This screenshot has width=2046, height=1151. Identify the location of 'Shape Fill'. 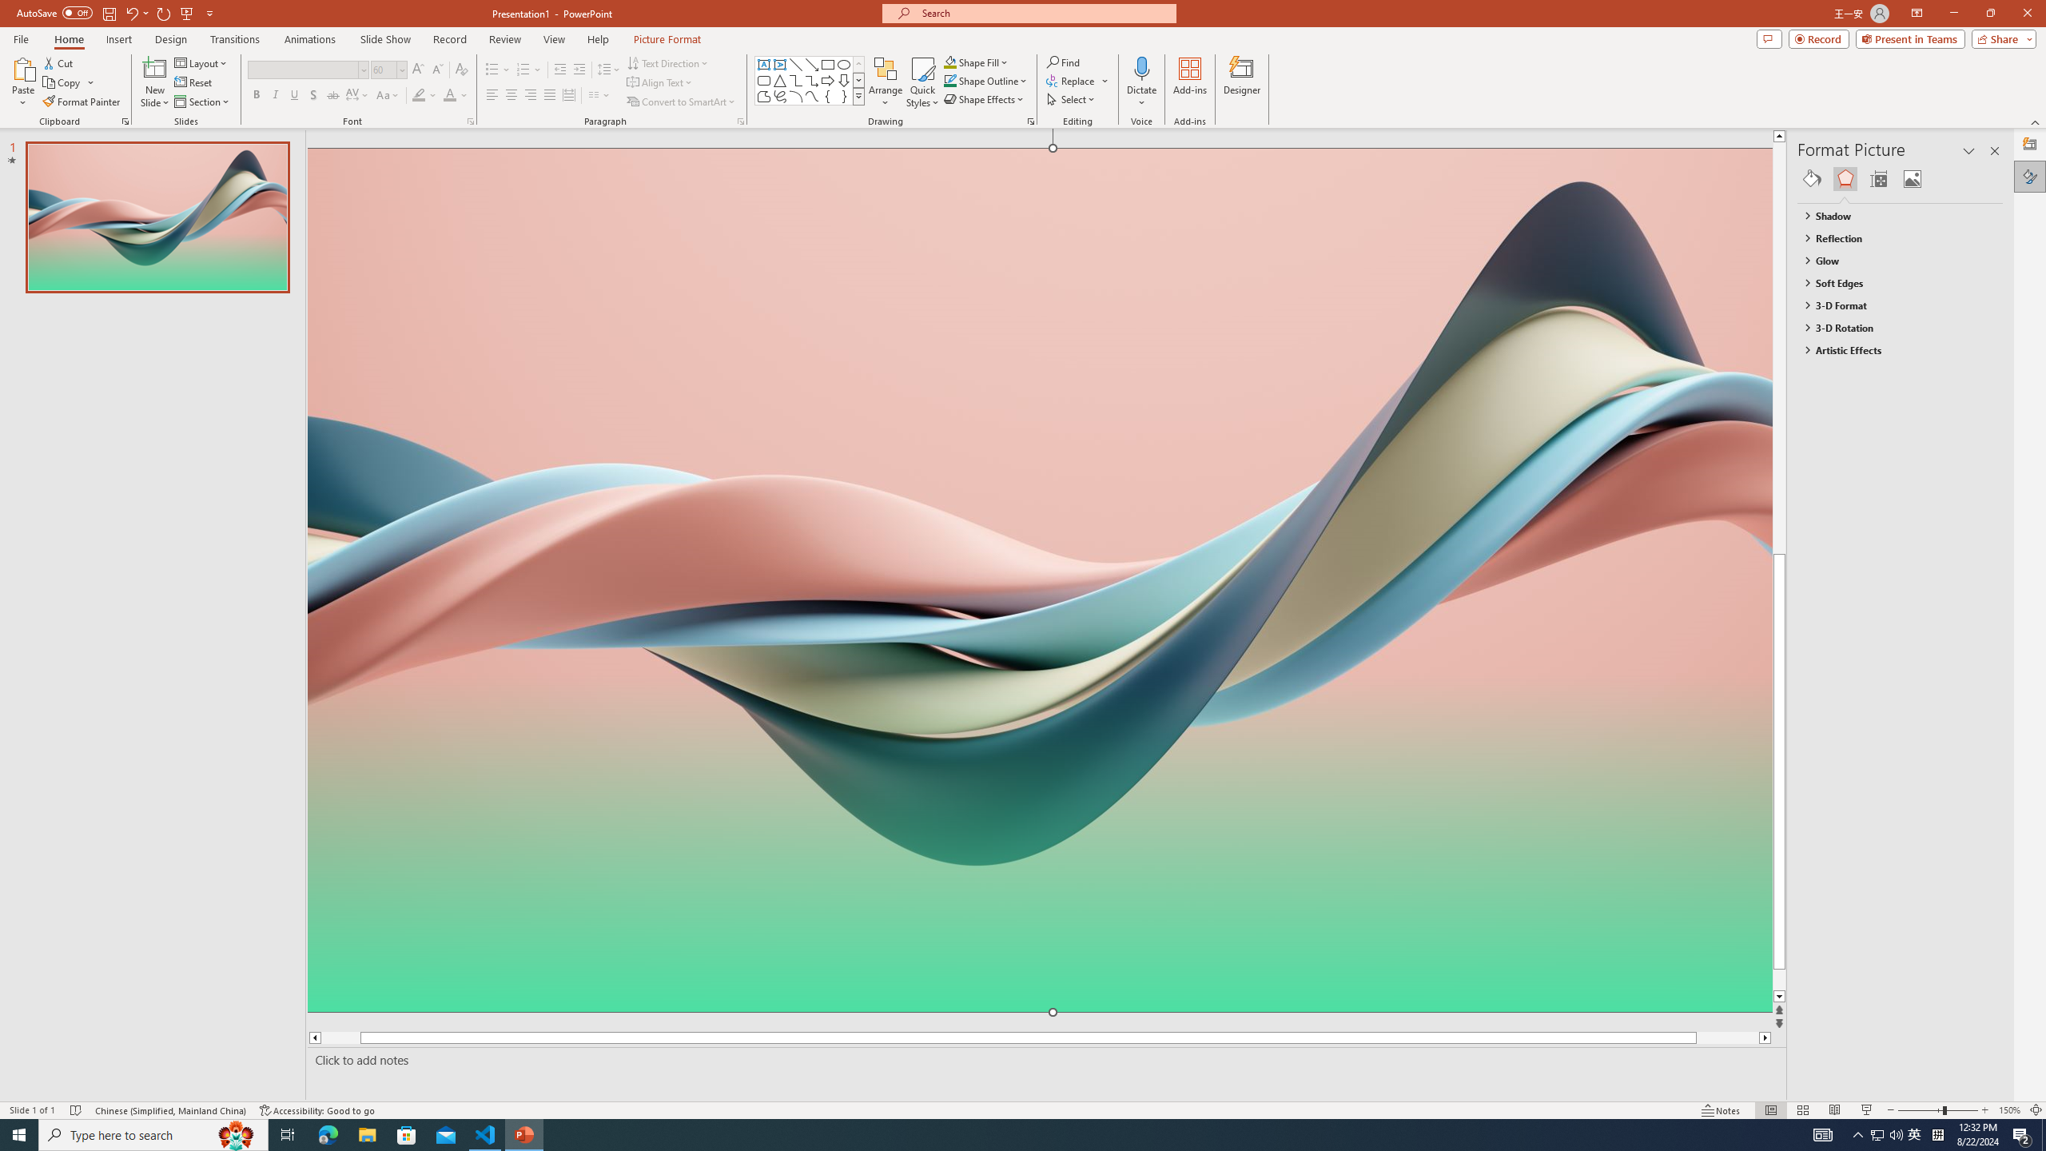
(977, 62).